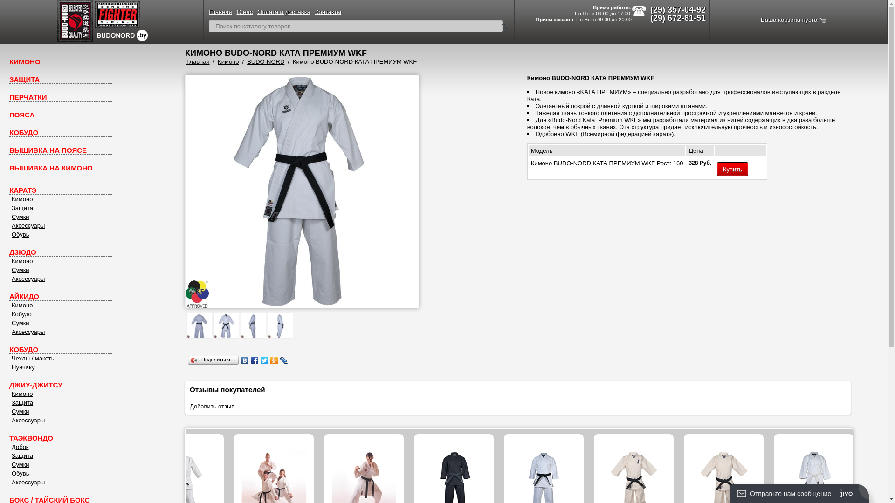  I want to click on 'LiveJournal', so click(283, 360).